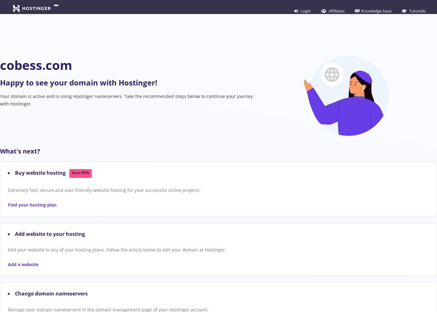 The image size is (437, 312). I want to click on 'Add website to your hosting', so click(15, 233).